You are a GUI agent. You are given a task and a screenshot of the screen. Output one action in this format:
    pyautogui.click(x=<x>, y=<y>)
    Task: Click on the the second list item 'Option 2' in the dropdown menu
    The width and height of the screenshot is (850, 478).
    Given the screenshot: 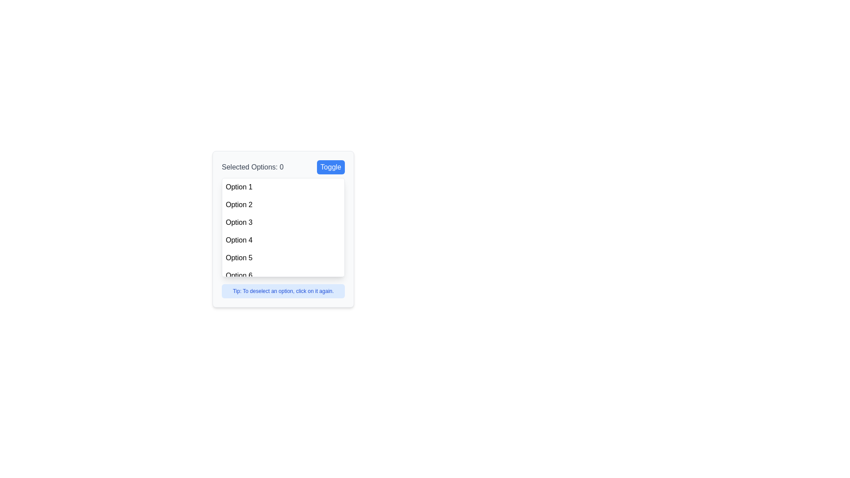 What is the action you would take?
    pyautogui.click(x=282, y=204)
    